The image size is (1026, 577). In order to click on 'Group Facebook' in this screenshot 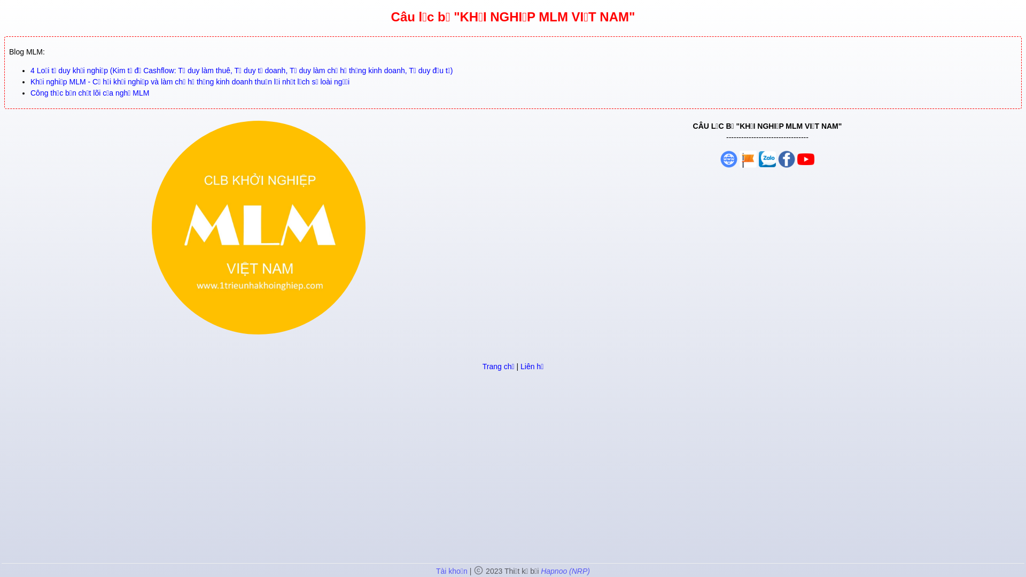, I will do `click(797, 159)`.